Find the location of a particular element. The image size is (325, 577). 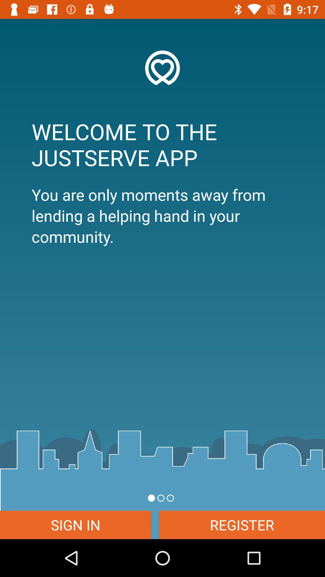

item next to the sign in icon is located at coordinates (242, 524).